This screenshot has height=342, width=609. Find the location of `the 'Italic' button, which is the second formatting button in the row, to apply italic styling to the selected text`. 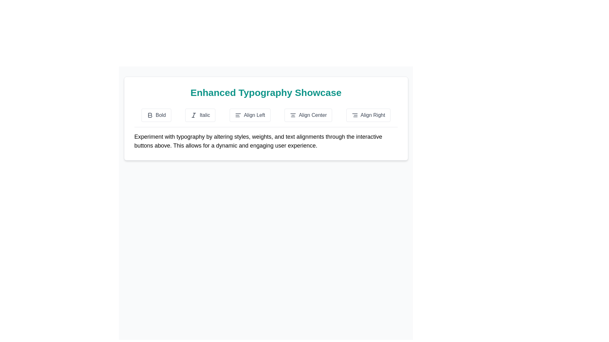

the 'Italic' button, which is the second formatting button in the row, to apply italic styling to the selected text is located at coordinates (205, 115).